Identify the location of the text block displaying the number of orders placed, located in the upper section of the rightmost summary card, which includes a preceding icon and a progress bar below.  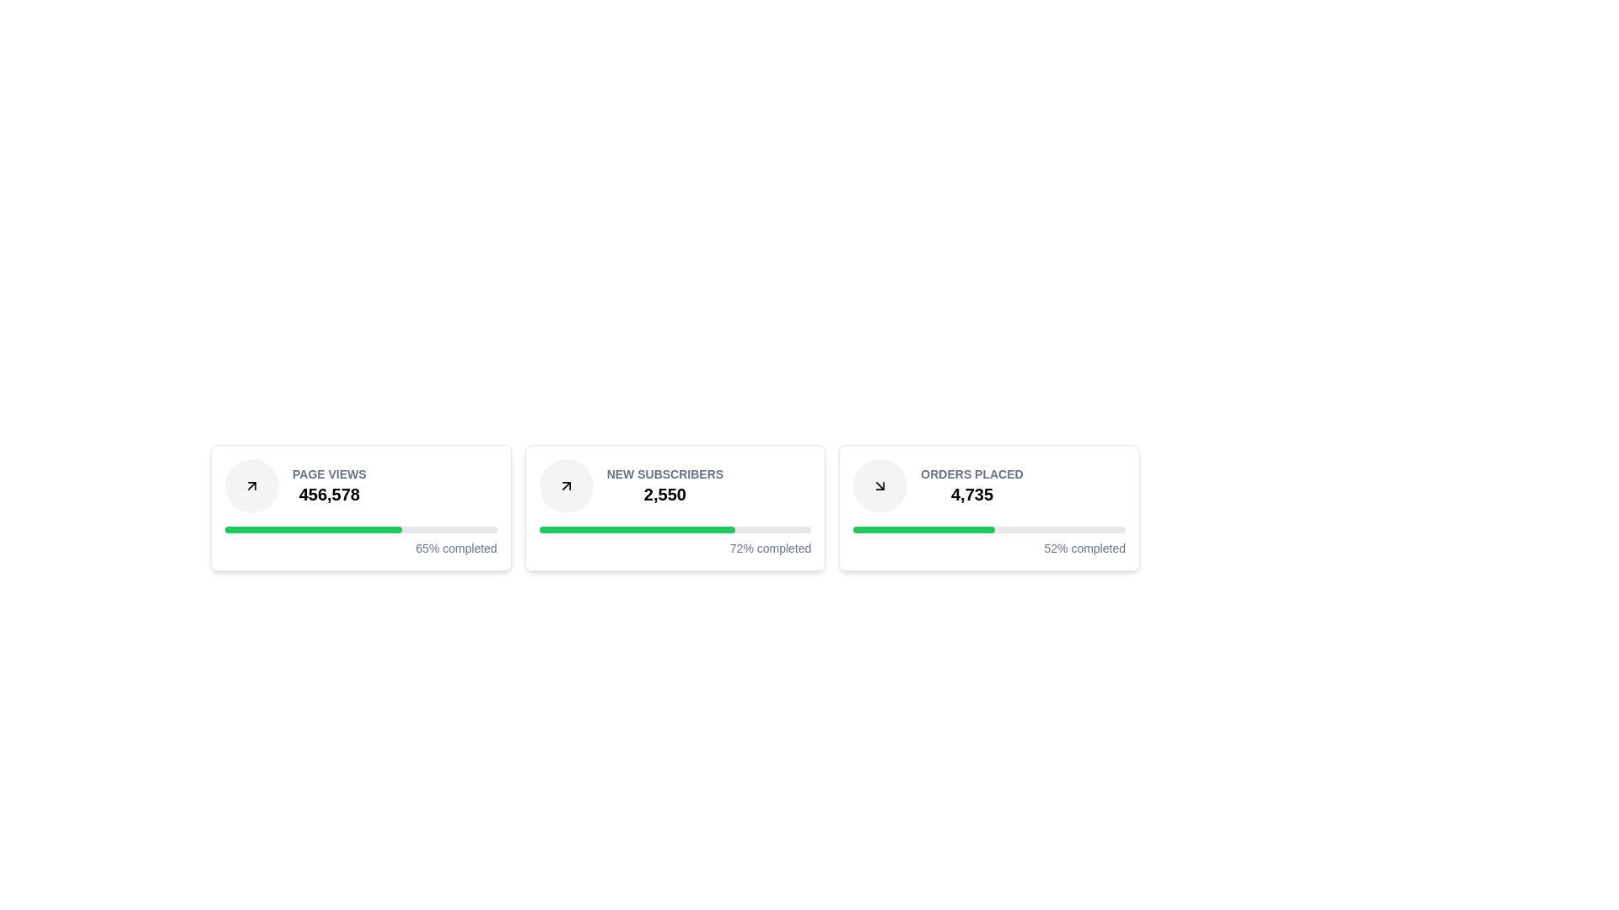
(989, 486).